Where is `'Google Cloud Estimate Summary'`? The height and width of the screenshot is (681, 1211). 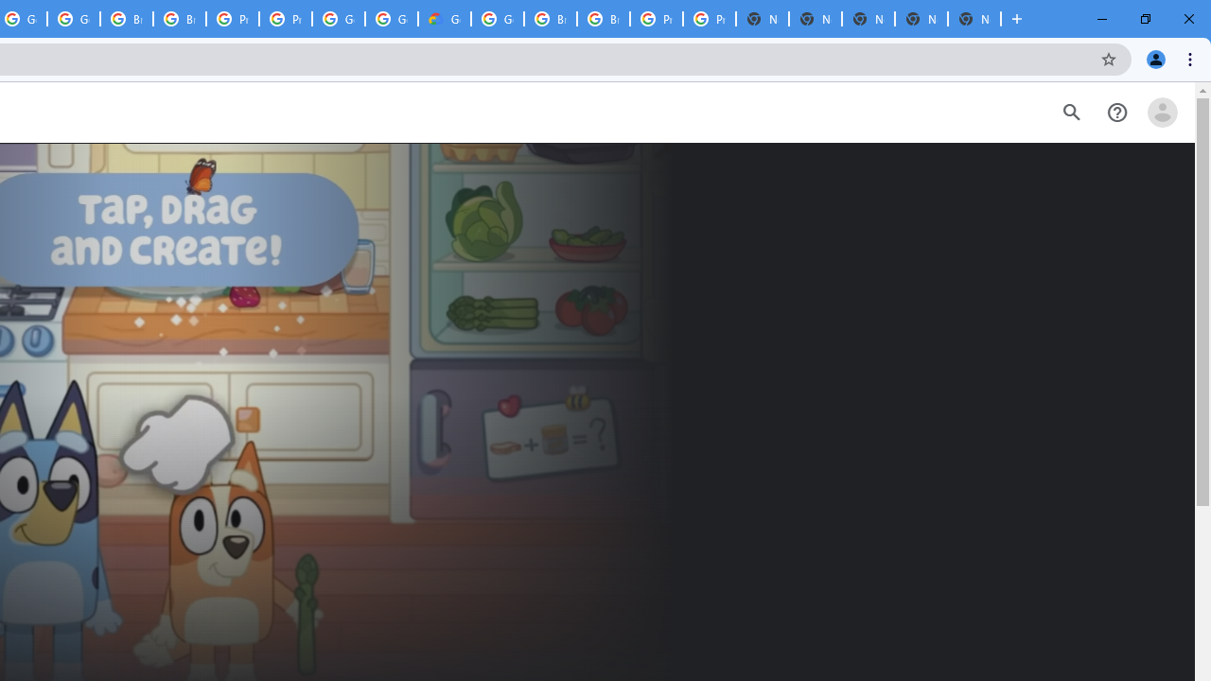
'Google Cloud Estimate Summary' is located at coordinates (443, 19).